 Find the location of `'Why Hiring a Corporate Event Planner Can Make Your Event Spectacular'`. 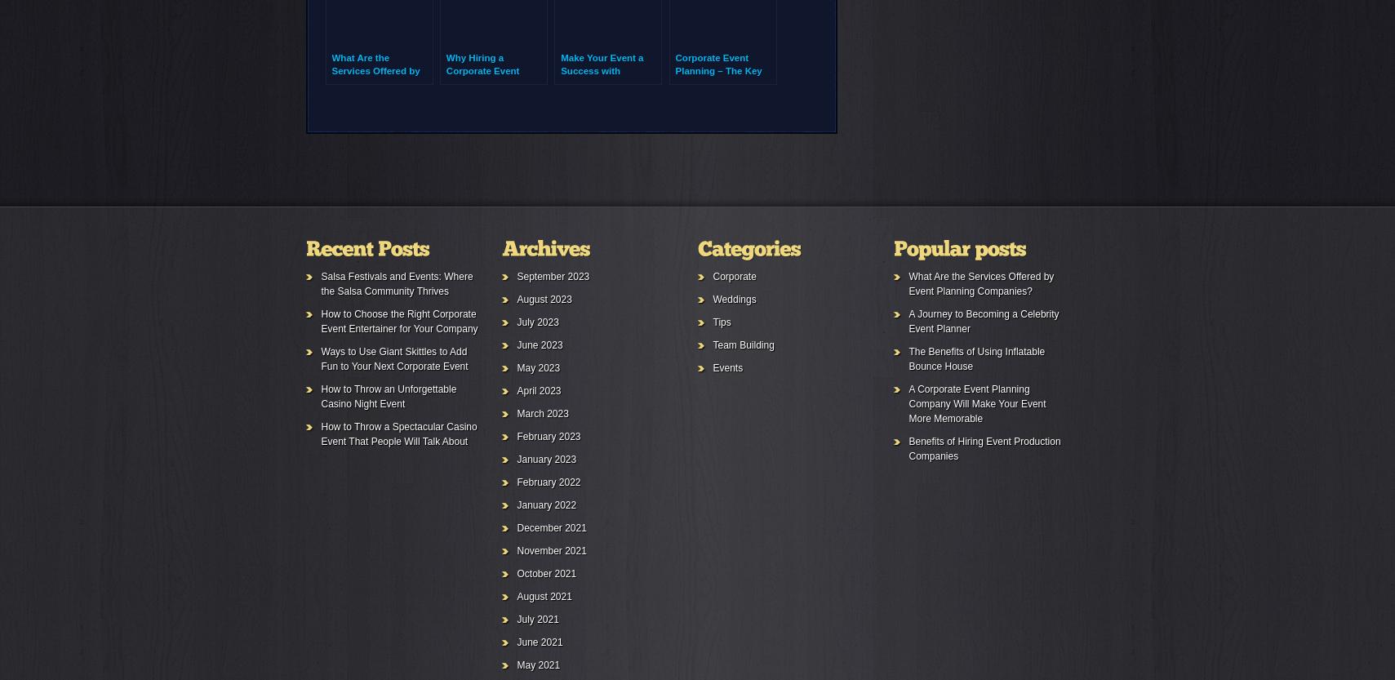

'Why Hiring a Corporate Event Planner Can Make Your Event Spectacular' is located at coordinates (485, 82).